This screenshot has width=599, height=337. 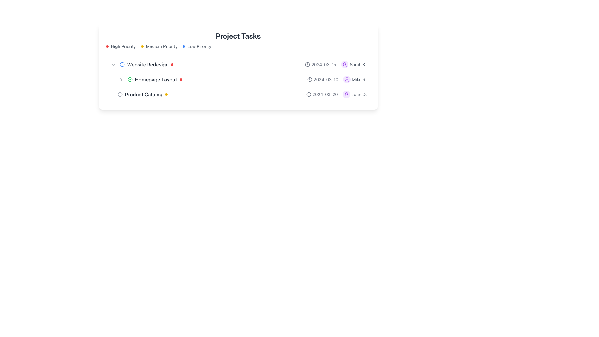 I want to click on name 'Sarah K.' displayed in a small, gray-colored font adjacent to the purple user icon in the third row of the list structure, so click(x=358, y=65).